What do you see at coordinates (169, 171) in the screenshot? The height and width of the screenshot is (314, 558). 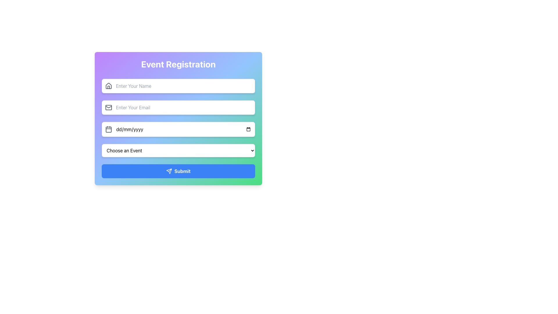 I see `the paper plane icon located inside the 'Submit' button at the bottom of the form` at bounding box center [169, 171].